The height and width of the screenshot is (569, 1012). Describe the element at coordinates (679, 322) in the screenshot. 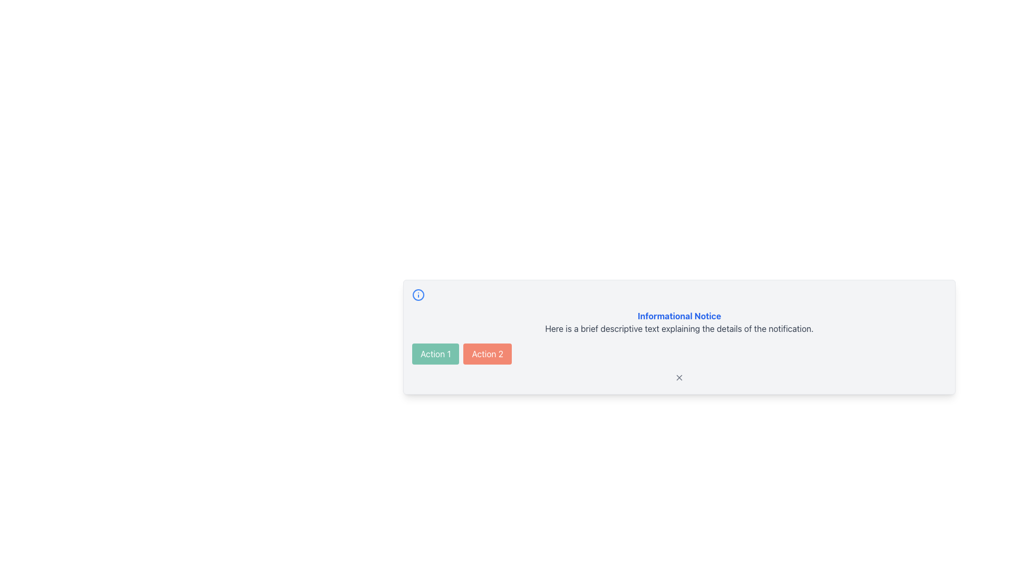

I see `the text block that displays 'Informational Notice' with a smaller gray text below it, centered in a light gray background` at that location.